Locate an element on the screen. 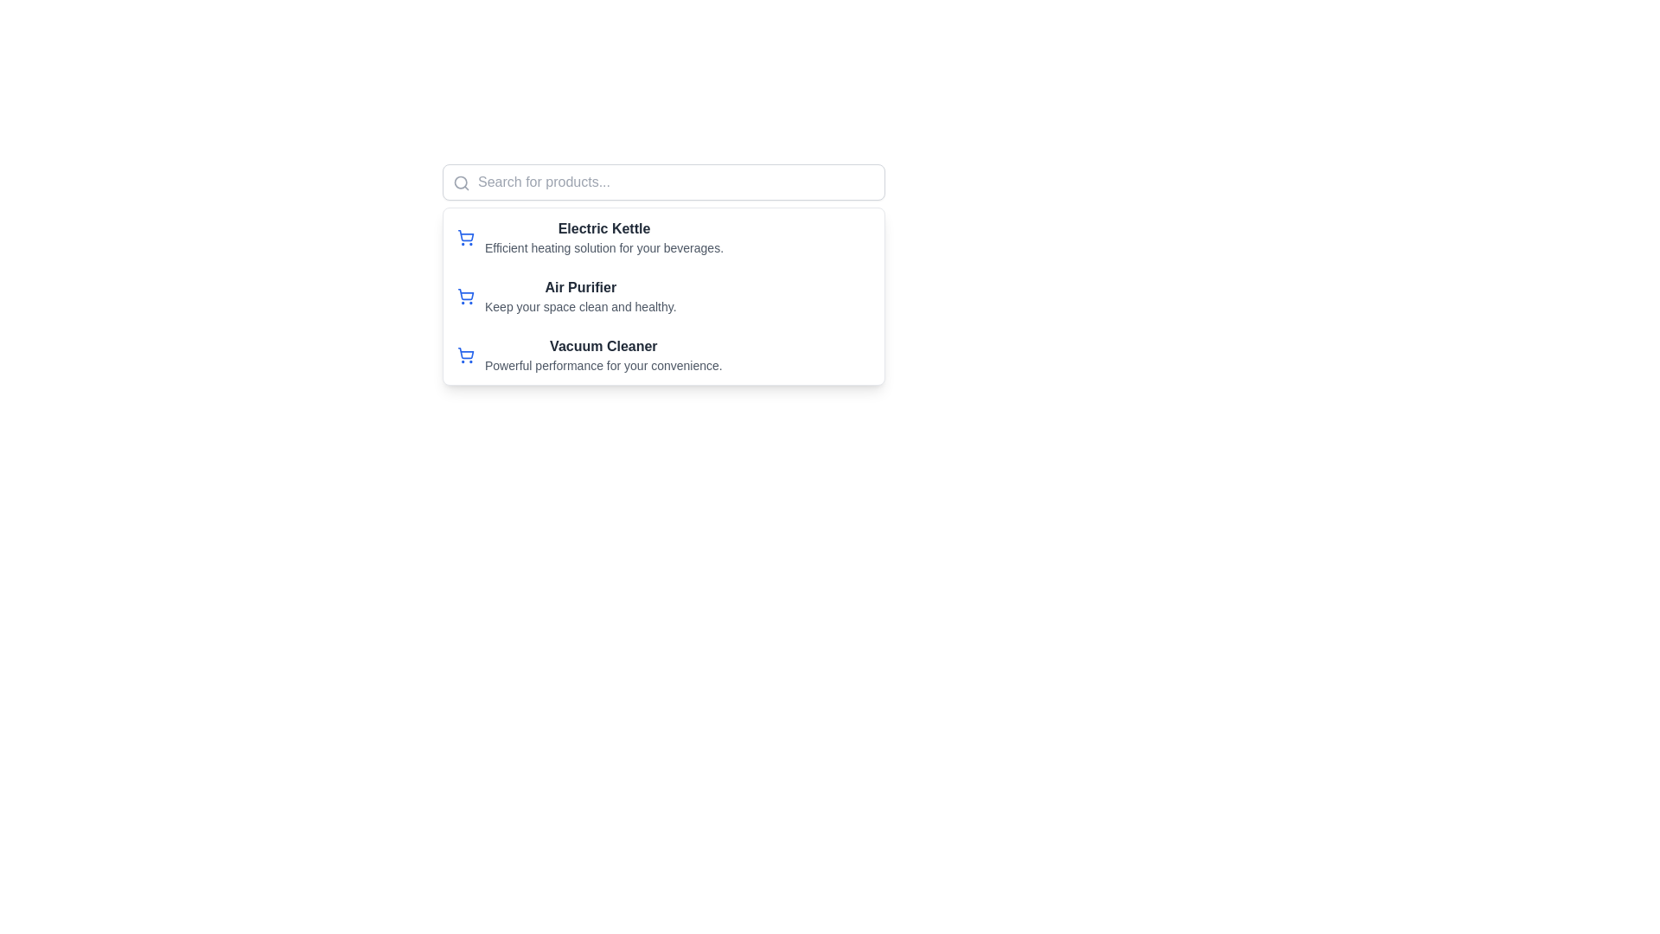 This screenshot has width=1660, height=934. the ListItem element displaying a shopping cart icon with bold text 'Air Purifier' is located at coordinates (663, 296).